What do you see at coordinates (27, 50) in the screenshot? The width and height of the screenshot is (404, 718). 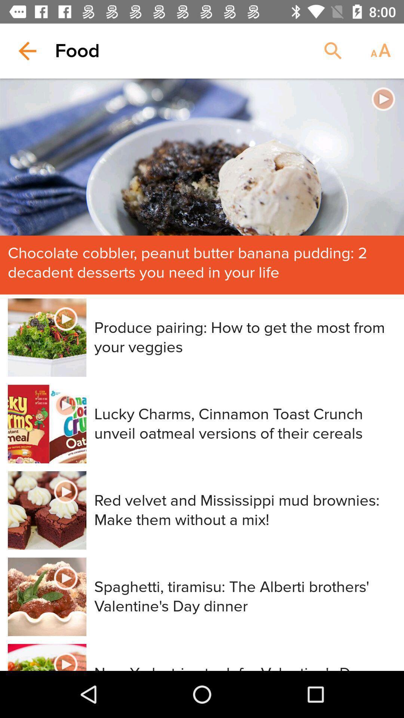 I see `item to the left of the food item` at bounding box center [27, 50].